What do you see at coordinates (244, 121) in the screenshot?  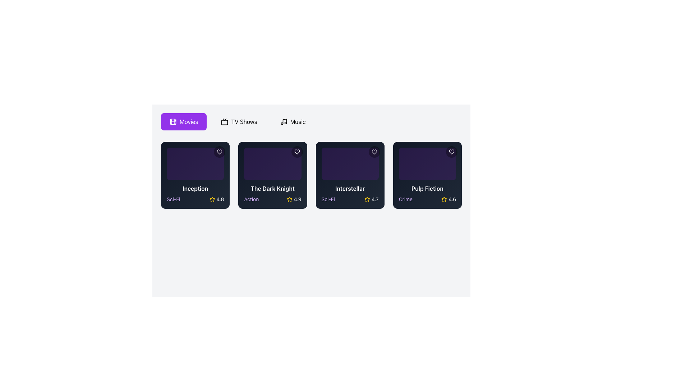 I see `the 'TV Shows' label, which is a visible text label styled with plain black font and centrally aligned, part of a navigation option adjacent to 'Movies' and 'Music'` at bounding box center [244, 121].